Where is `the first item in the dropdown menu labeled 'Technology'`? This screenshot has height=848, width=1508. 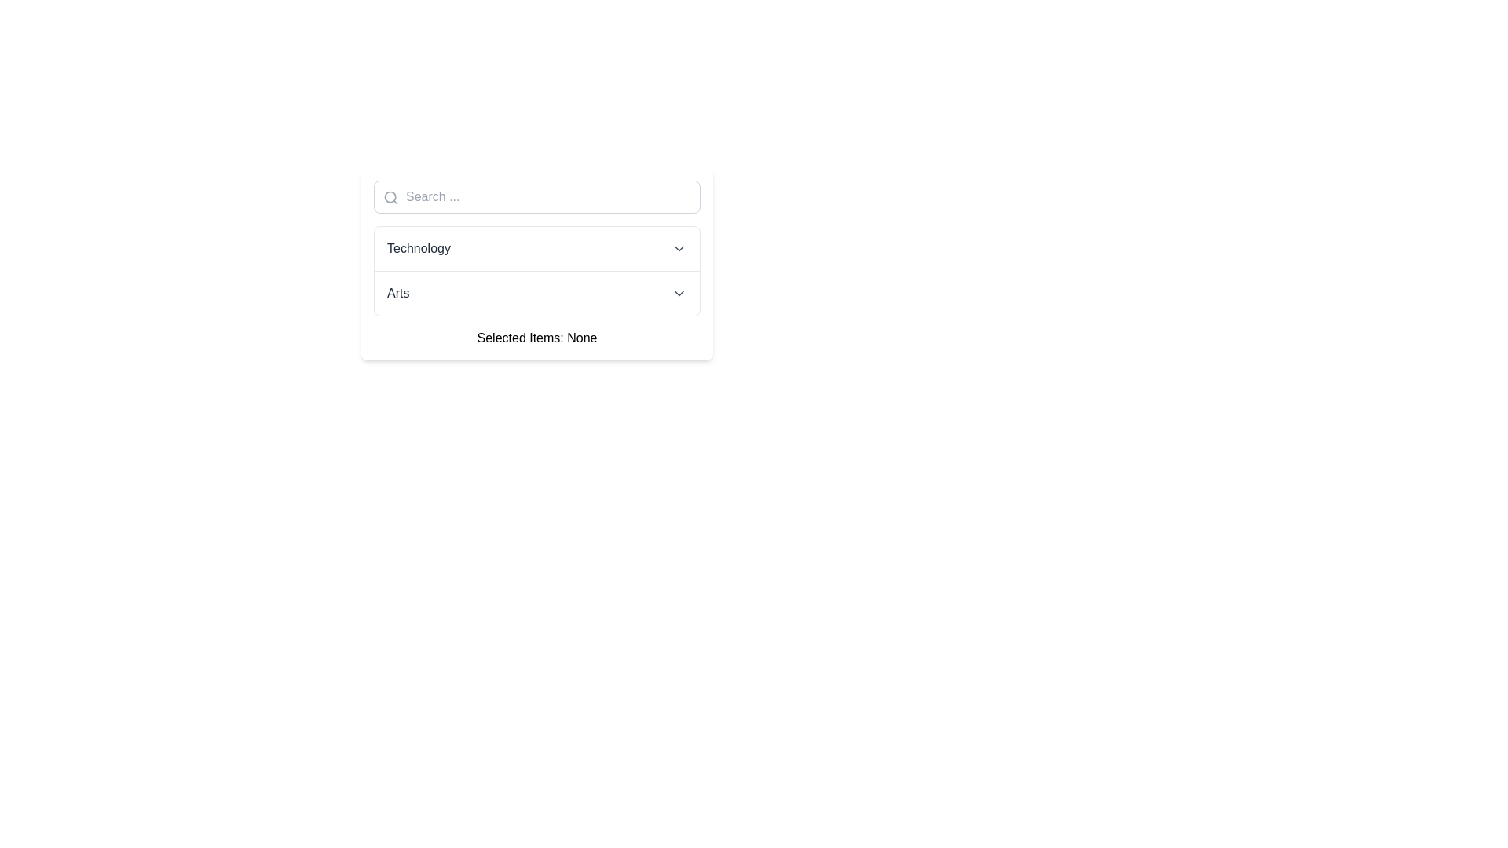 the first item in the dropdown menu labeled 'Technology' is located at coordinates (537, 247).